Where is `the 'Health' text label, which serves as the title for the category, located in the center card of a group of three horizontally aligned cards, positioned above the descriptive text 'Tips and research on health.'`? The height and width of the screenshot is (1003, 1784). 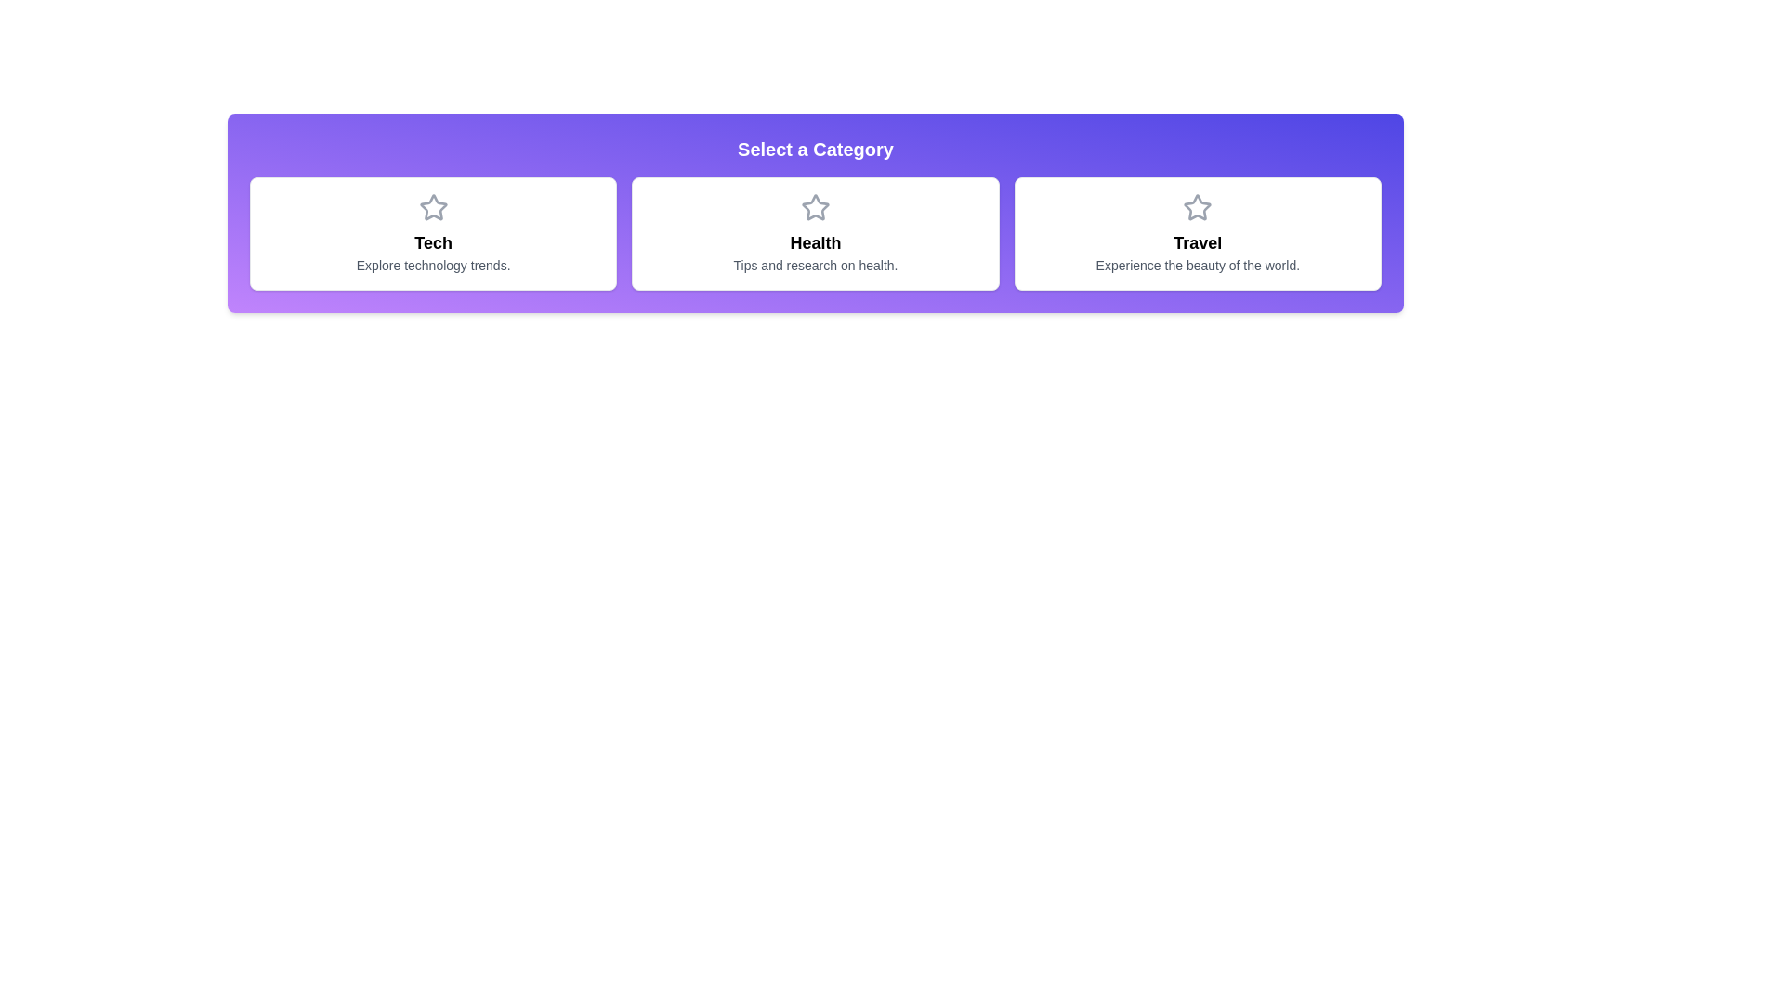 the 'Health' text label, which serves as the title for the category, located in the center card of a group of three horizontally aligned cards, positioned above the descriptive text 'Tips and research on health.' is located at coordinates (816, 242).